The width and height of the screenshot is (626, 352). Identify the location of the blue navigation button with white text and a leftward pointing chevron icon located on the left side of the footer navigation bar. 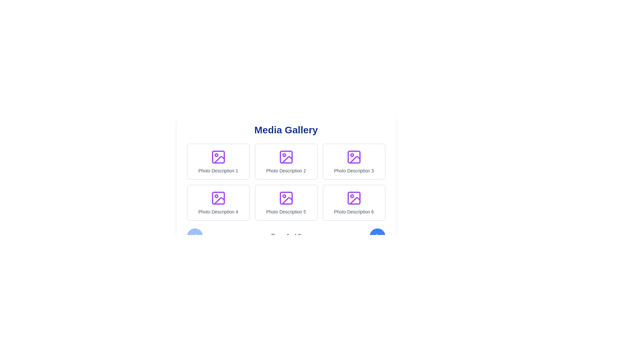
(194, 236).